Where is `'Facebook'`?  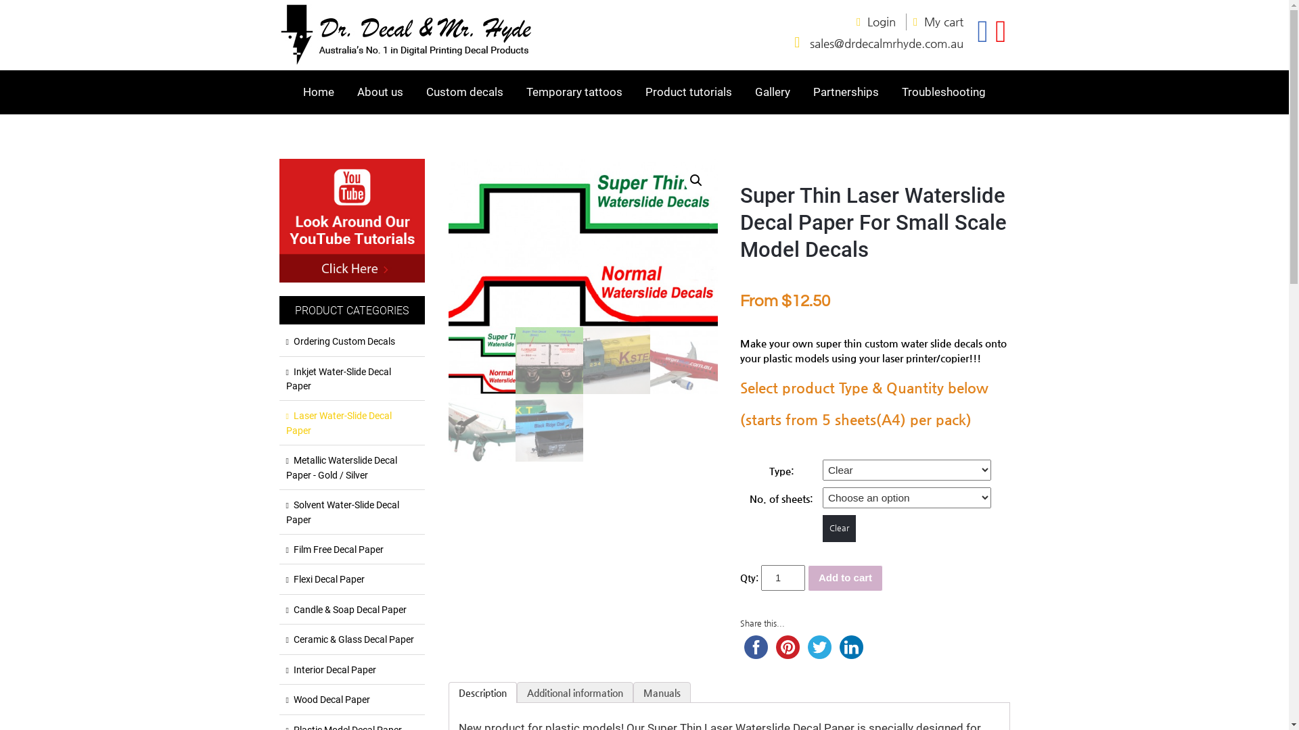
'Facebook' is located at coordinates (755, 646).